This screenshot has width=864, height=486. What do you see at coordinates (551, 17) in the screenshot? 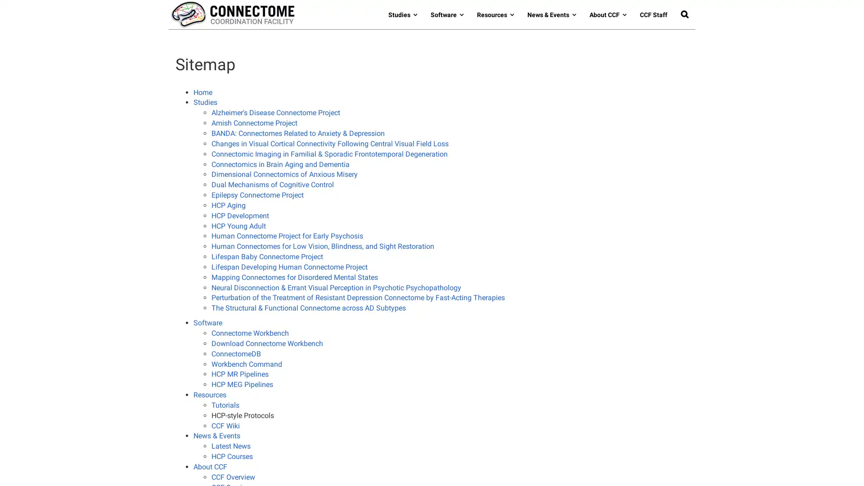
I see `News & Events` at bounding box center [551, 17].